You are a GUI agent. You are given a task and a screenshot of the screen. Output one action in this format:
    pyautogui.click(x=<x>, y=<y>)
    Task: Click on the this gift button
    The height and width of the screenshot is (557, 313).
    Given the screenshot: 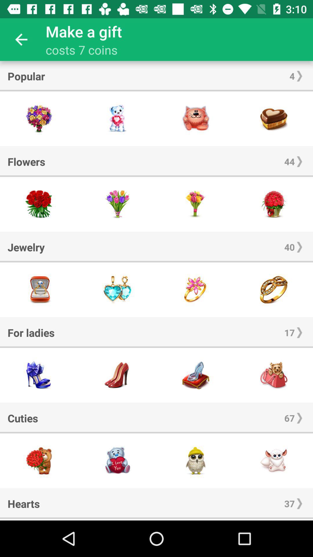 What is the action you would take?
    pyautogui.click(x=39, y=290)
    